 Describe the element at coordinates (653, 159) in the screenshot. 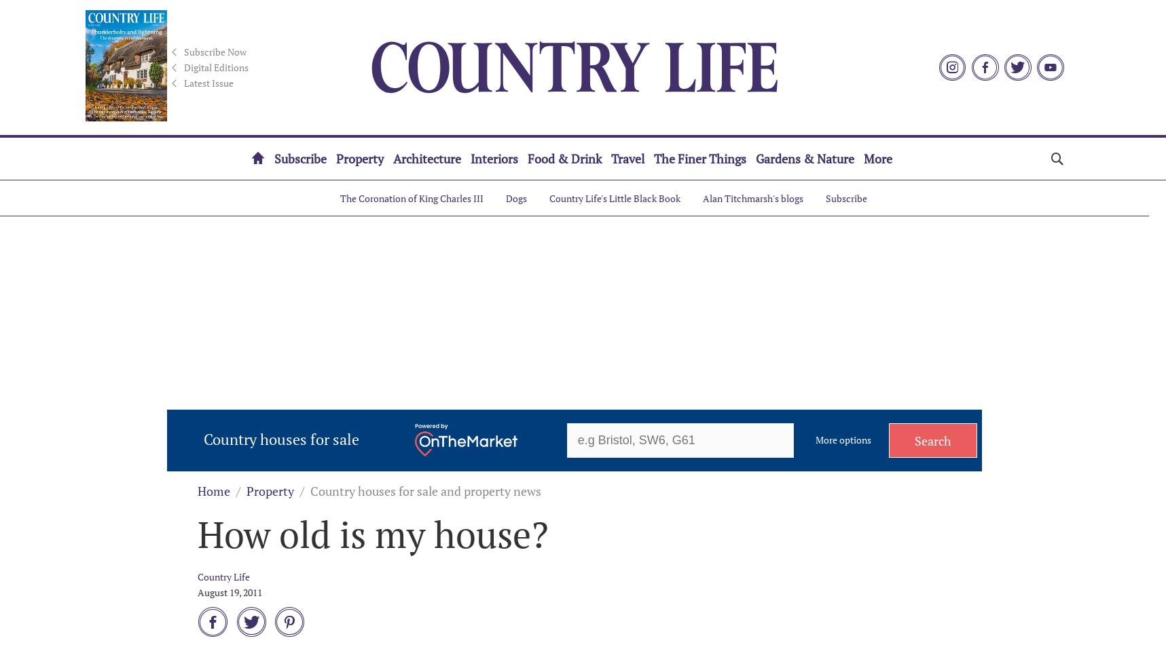

I see `'The Finer Things'` at that location.